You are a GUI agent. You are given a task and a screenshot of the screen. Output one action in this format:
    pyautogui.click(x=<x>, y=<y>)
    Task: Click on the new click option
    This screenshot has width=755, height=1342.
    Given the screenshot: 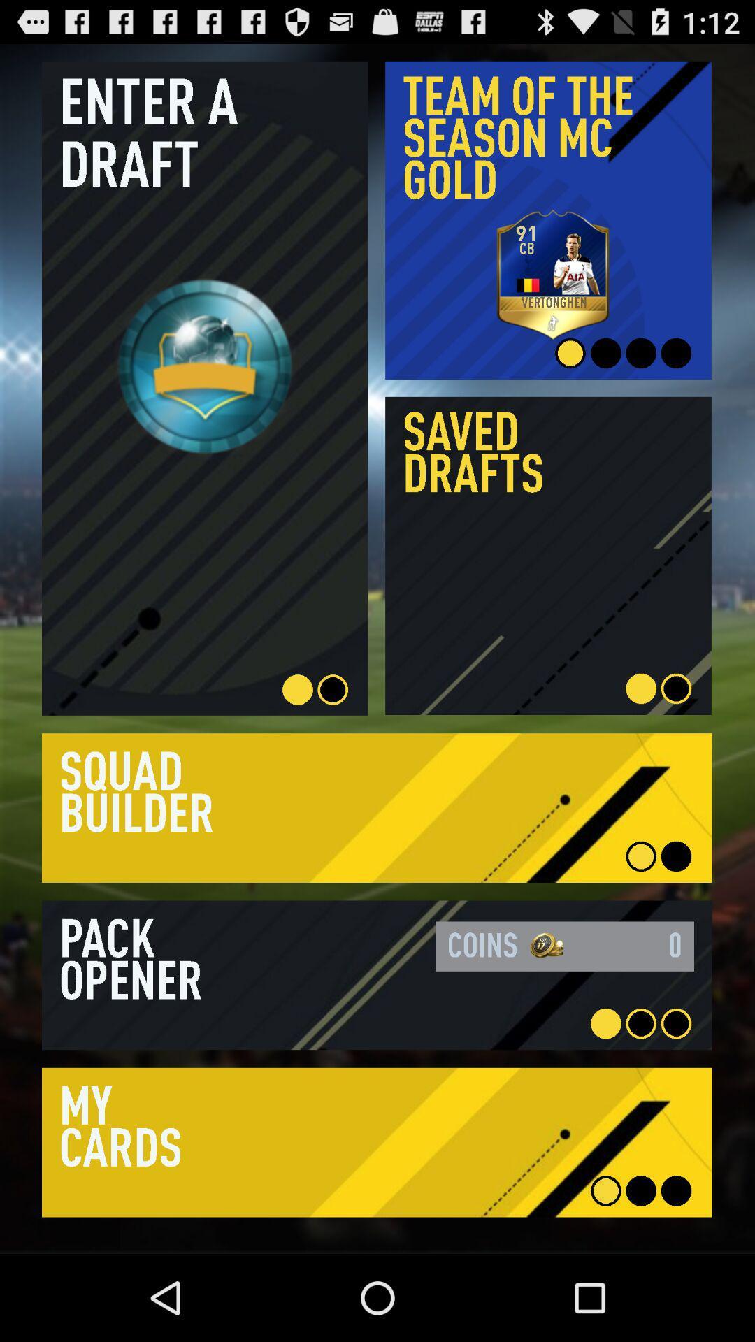 What is the action you would take?
    pyautogui.click(x=547, y=555)
    